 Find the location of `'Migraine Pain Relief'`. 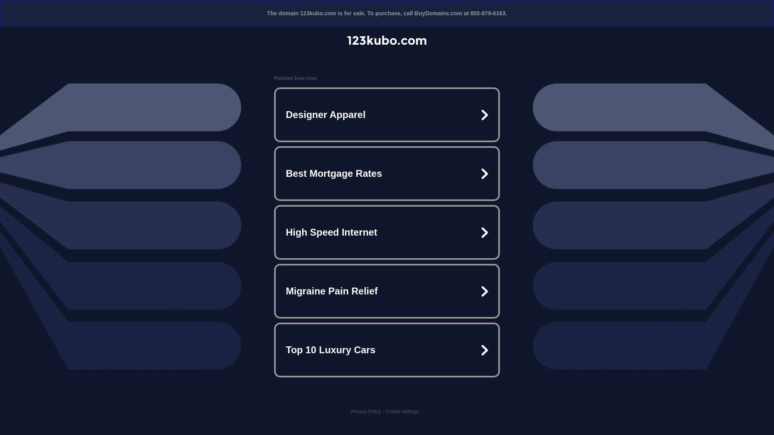

'Migraine Pain Relief' is located at coordinates (387, 291).